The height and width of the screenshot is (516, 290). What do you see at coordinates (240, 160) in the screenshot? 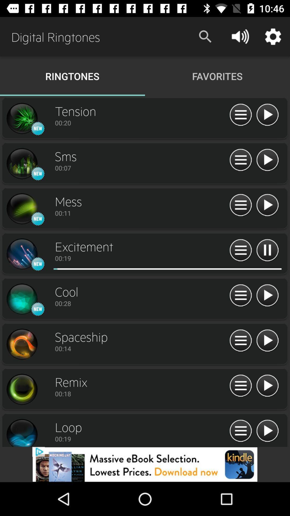
I see `menu` at bounding box center [240, 160].